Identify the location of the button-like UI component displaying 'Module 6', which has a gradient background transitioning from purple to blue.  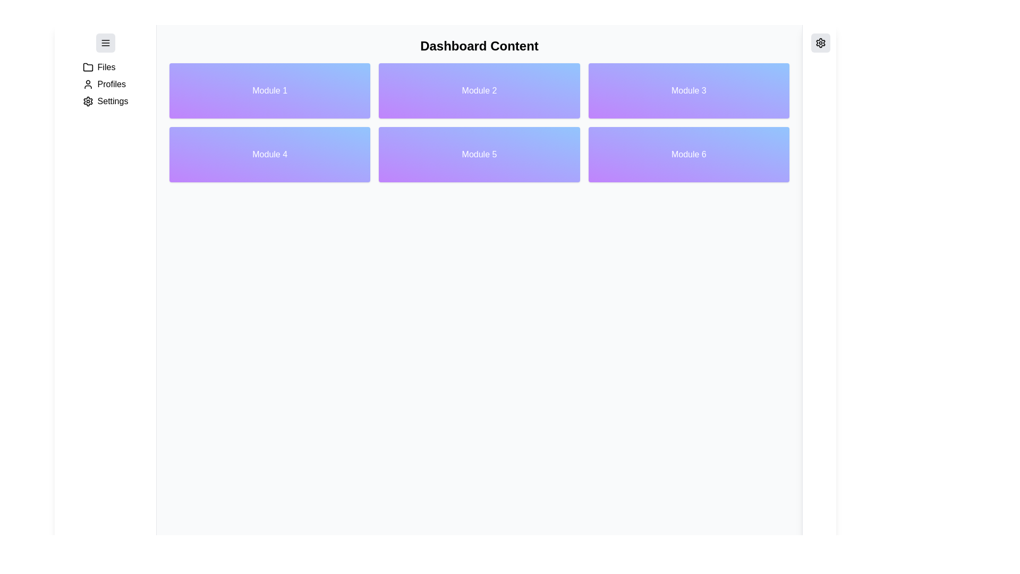
(688, 154).